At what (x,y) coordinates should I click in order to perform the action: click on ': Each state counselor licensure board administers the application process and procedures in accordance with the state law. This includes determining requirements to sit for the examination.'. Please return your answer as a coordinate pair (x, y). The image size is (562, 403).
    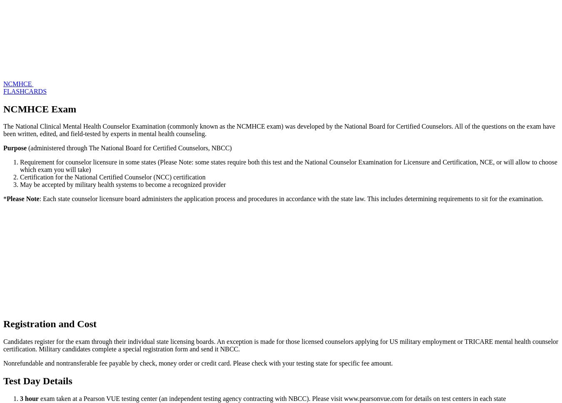
    Looking at the image, I should click on (291, 198).